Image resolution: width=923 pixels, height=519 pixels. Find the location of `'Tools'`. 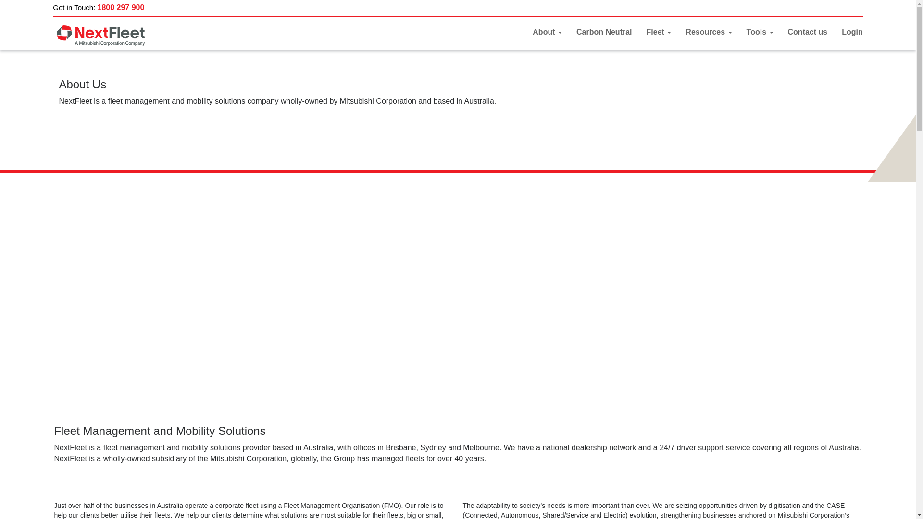

'Tools' is located at coordinates (759, 31).